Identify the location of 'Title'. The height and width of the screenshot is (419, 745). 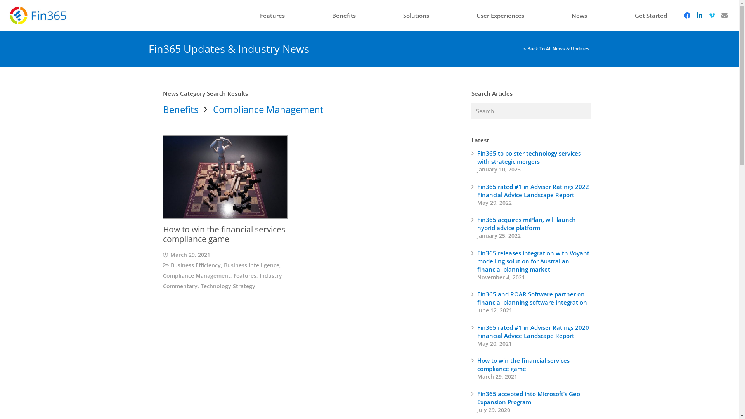
(724, 15).